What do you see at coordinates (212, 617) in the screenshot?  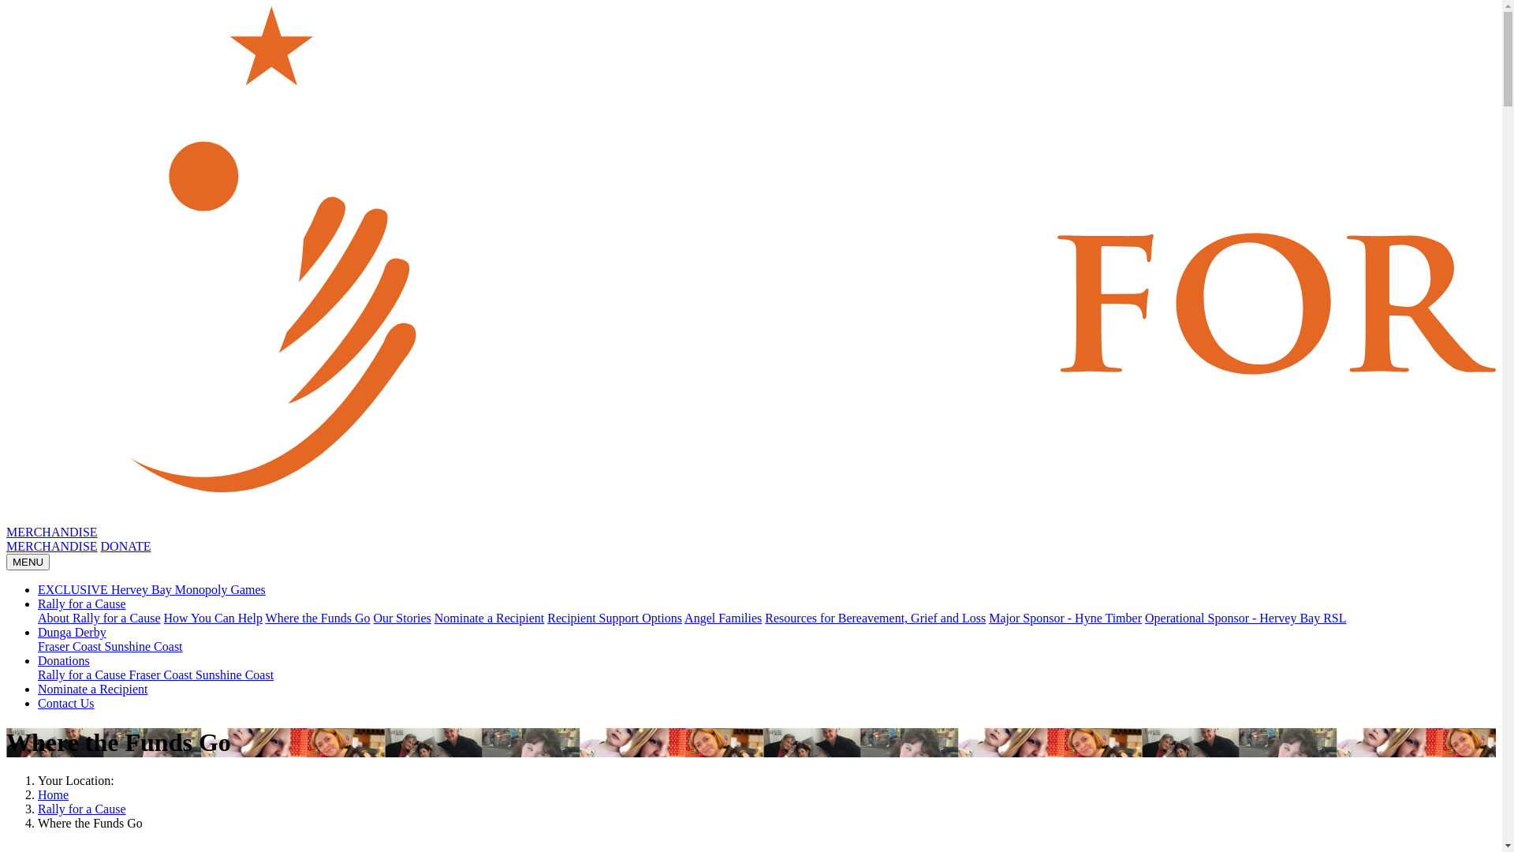 I see `'How You Can Help'` at bounding box center [212, 617].